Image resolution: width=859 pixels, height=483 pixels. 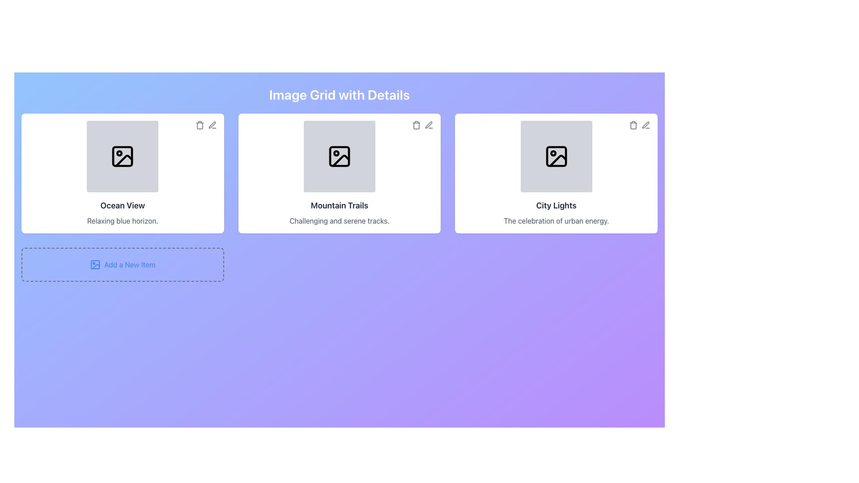 What do you see at coordinates (122, 156) in the screenshot?
I see `the image placeholder or graphical icon located at the center-top of the 'Ocean View' section to interact` at bounding box center [122, 156].